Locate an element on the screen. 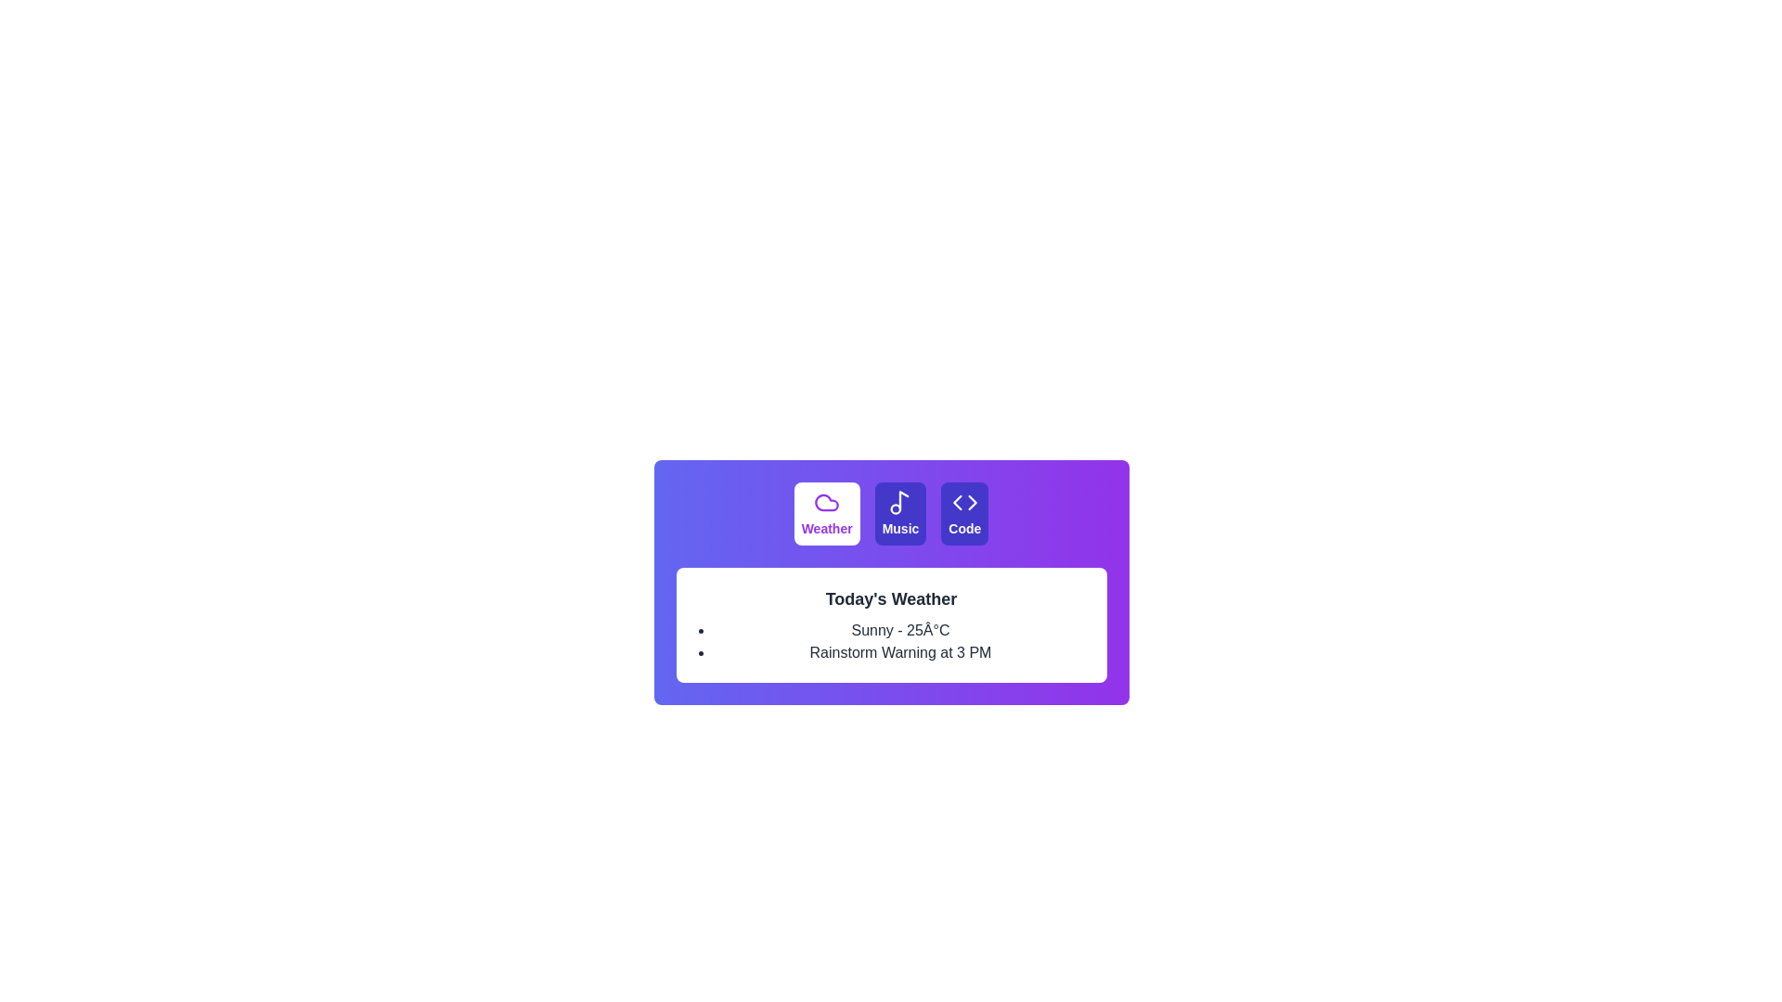 This screenshot has height=1002, width=1782. text label displaying 'Sunny - 25°C' in the center of the card under the 'Today's Weather' section is located at coordinates (900, 629).